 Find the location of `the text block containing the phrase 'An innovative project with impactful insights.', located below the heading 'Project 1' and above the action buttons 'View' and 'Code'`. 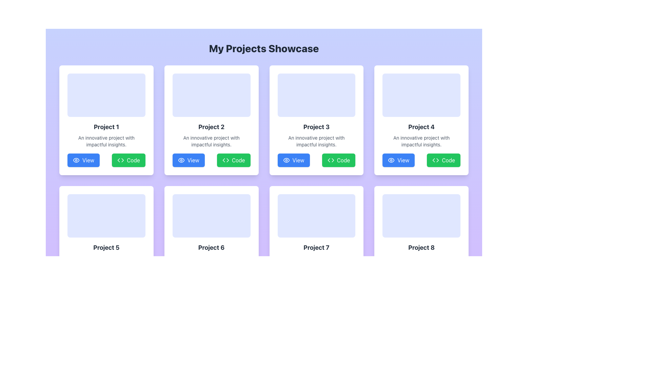

the text block containing the phrase 'An innovative project with impactful insights.', located below the heading 'Project 1' and above the action buttons 'View' and 'Code' is located at coordinates (106, 141).